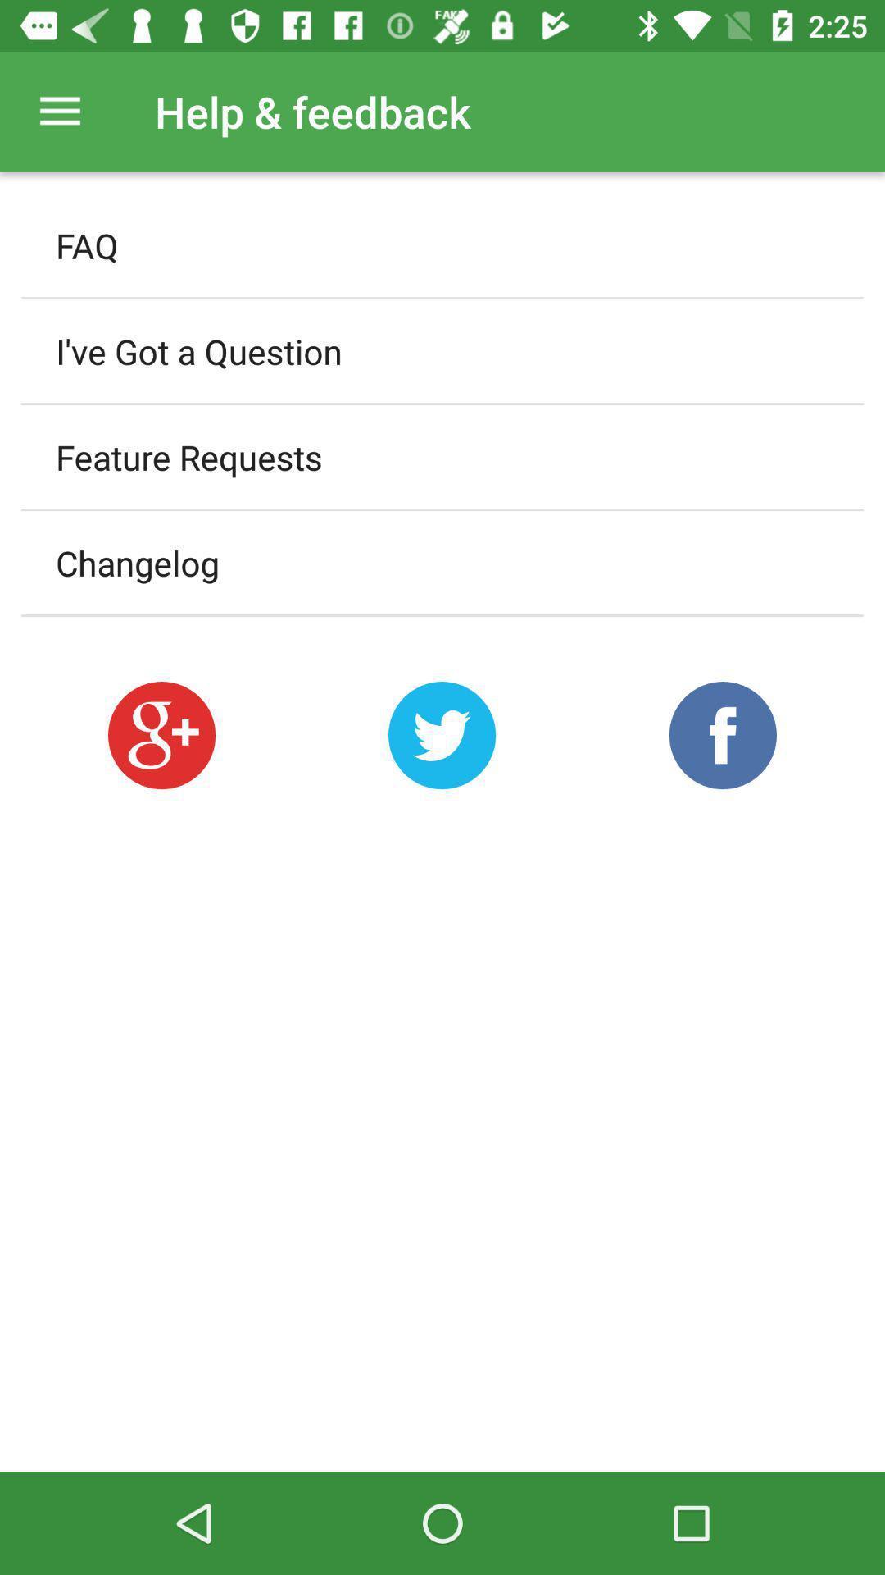  Describe the element at coordinates (442, 563) in the screenshot. I see `changelog` at that location.